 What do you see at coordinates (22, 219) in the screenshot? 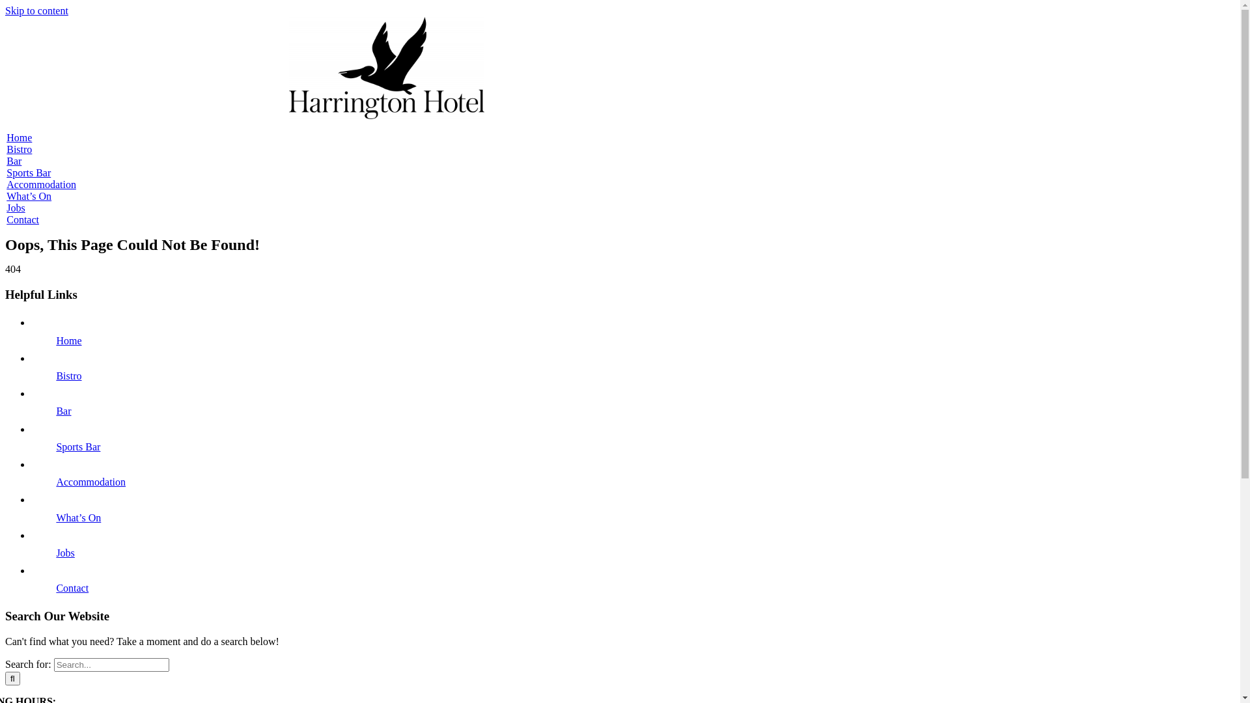
I see `'Contact'` at bounding box center [22, 219].